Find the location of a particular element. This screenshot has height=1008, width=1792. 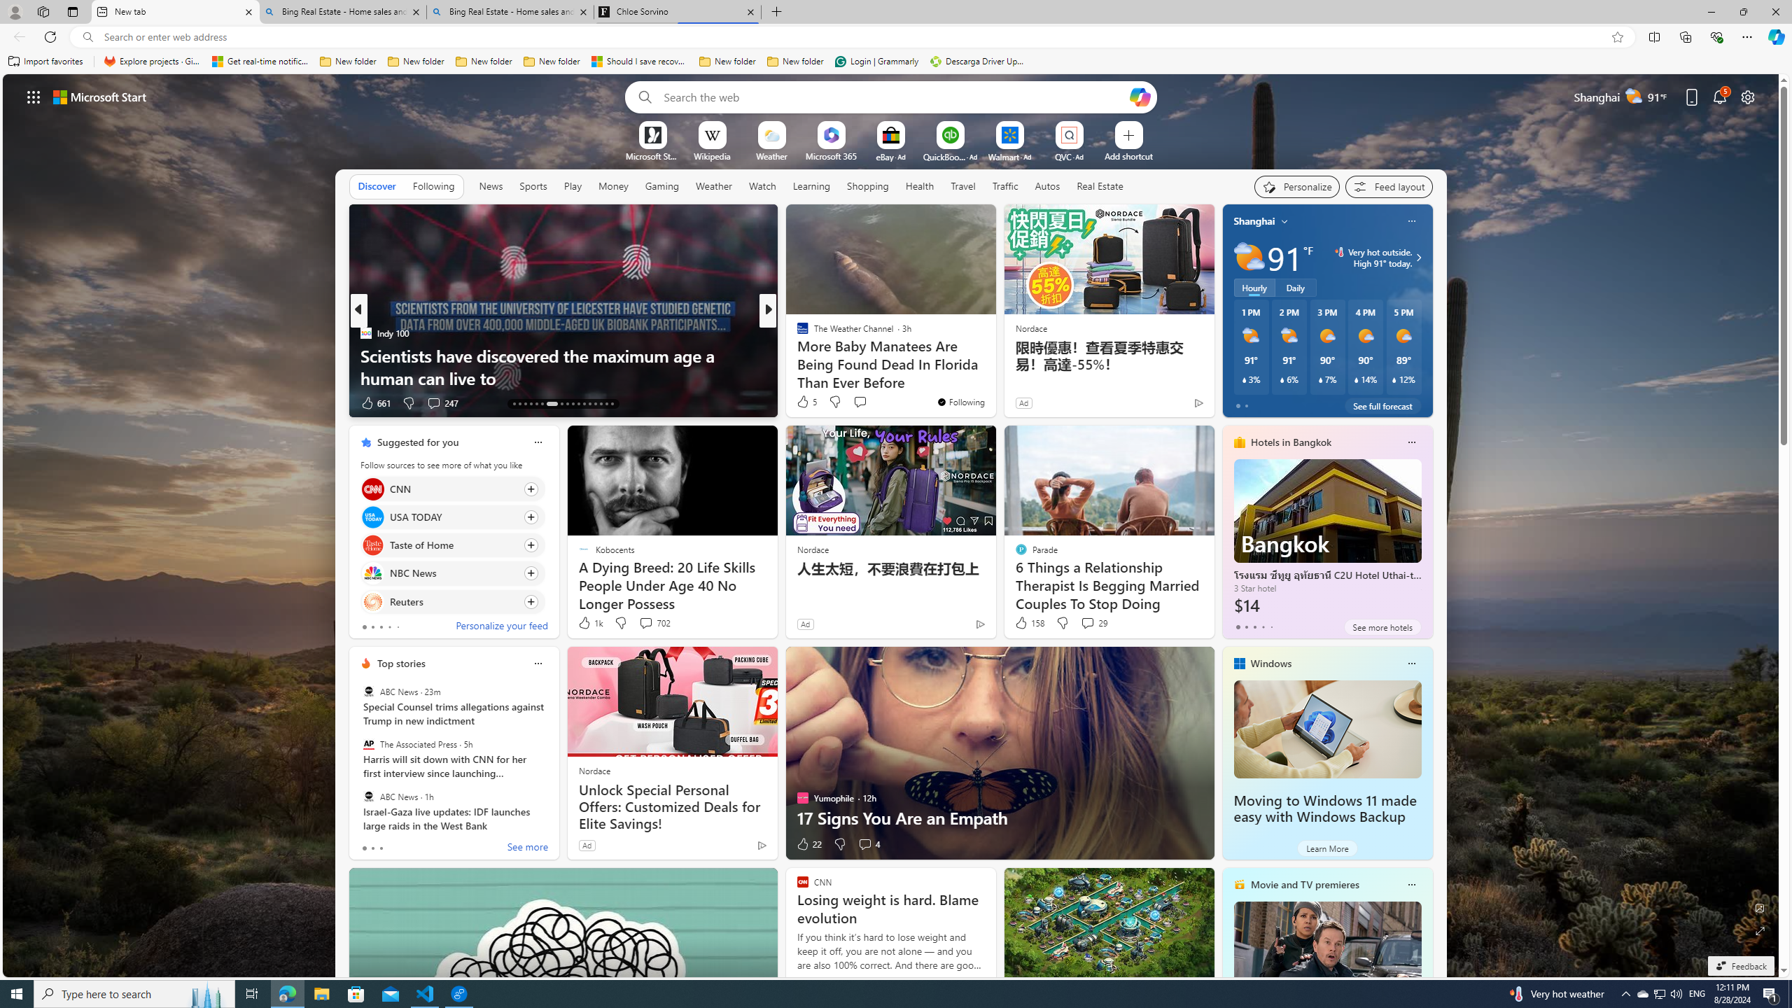

'View comments 7 Comment' is located at coordinates (859, 402).